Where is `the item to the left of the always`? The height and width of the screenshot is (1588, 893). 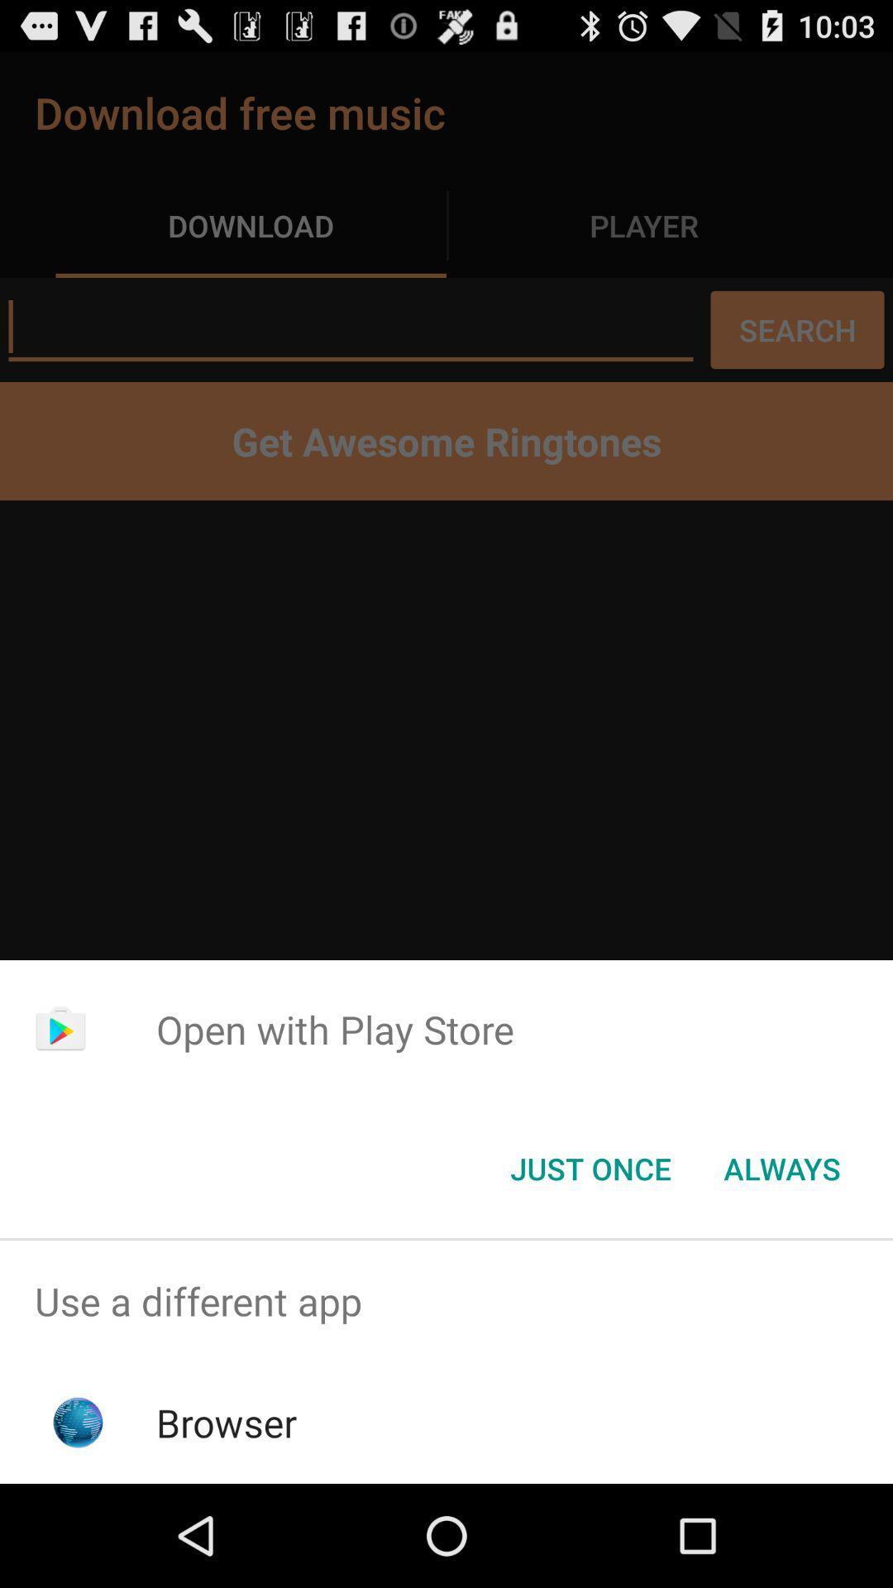
the item to the left of the always is located at coordinates (590, 1167).